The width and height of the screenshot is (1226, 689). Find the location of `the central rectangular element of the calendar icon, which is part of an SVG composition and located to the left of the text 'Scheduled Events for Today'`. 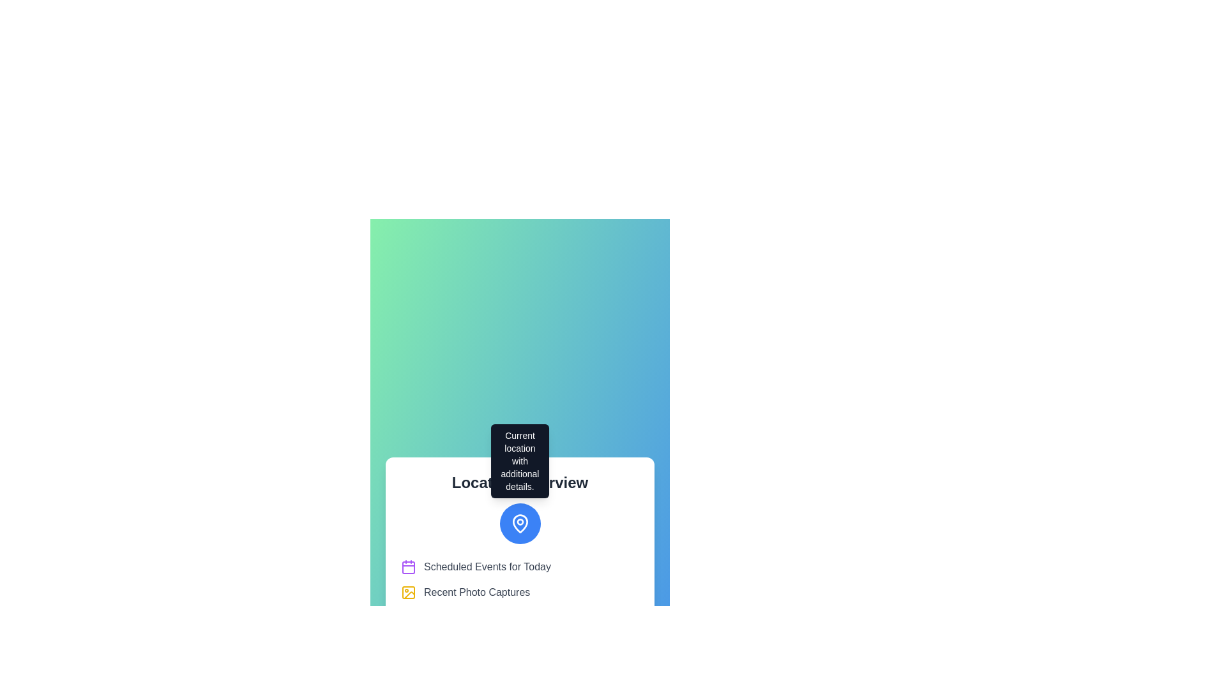

the central rectangular element of the calendar icon, which is part of an SVG composition and located to the left of the text 'Scheduled Events for Today' is located at coordinates (407, 567).